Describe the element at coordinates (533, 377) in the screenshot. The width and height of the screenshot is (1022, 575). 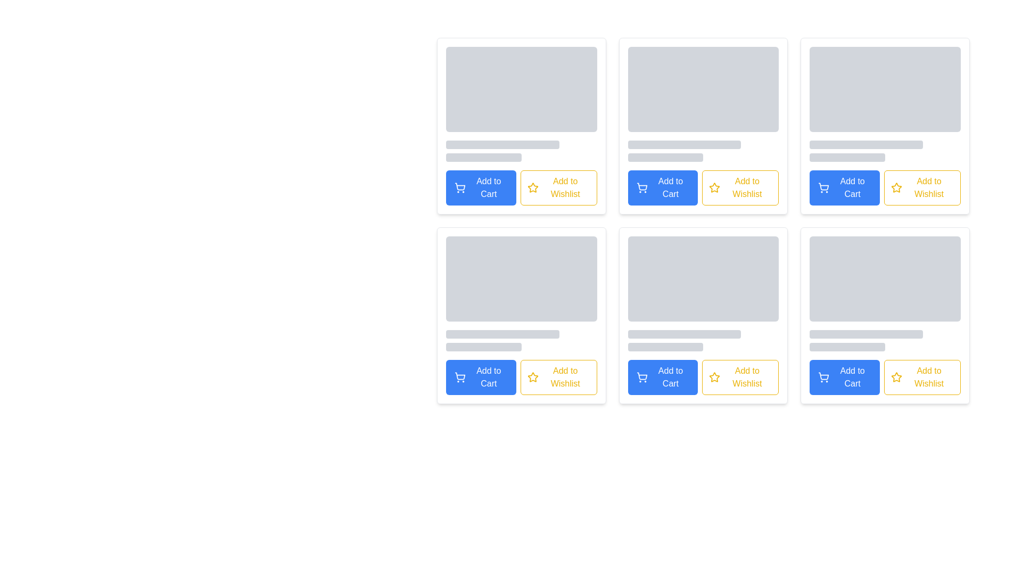
I see `the star icon within the 'Add to Wishlist' button, which indicates the feature to add items to the wishlist` at that location.